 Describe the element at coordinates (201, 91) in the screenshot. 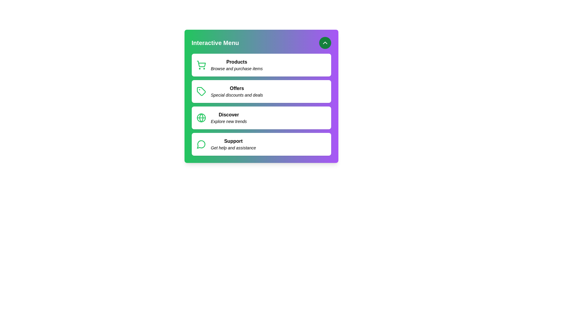

I see `the icon of the menu item labeled Offers to confirm its functionality` at that location.